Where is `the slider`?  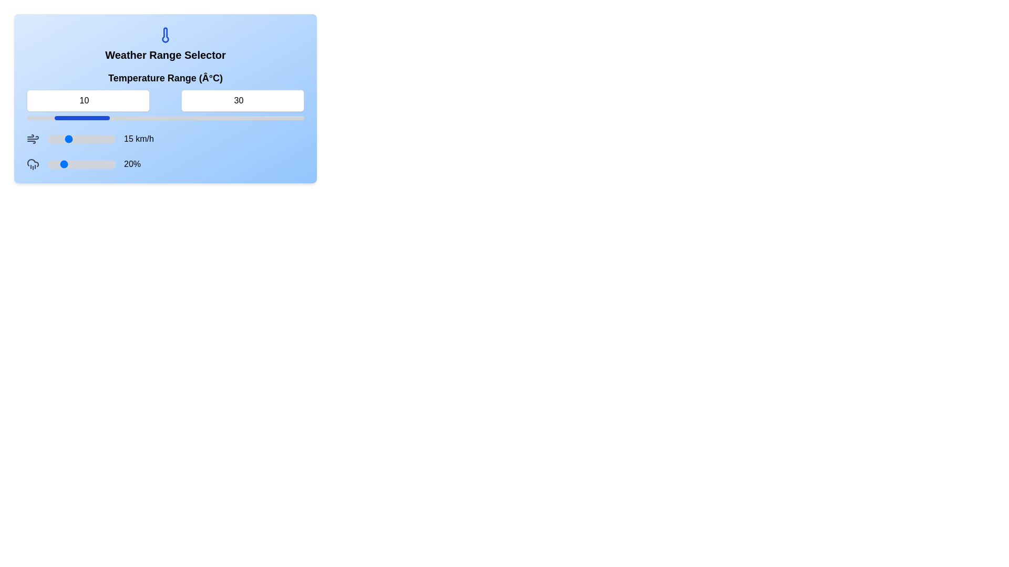 the slider is located at coordinates (50, 164).